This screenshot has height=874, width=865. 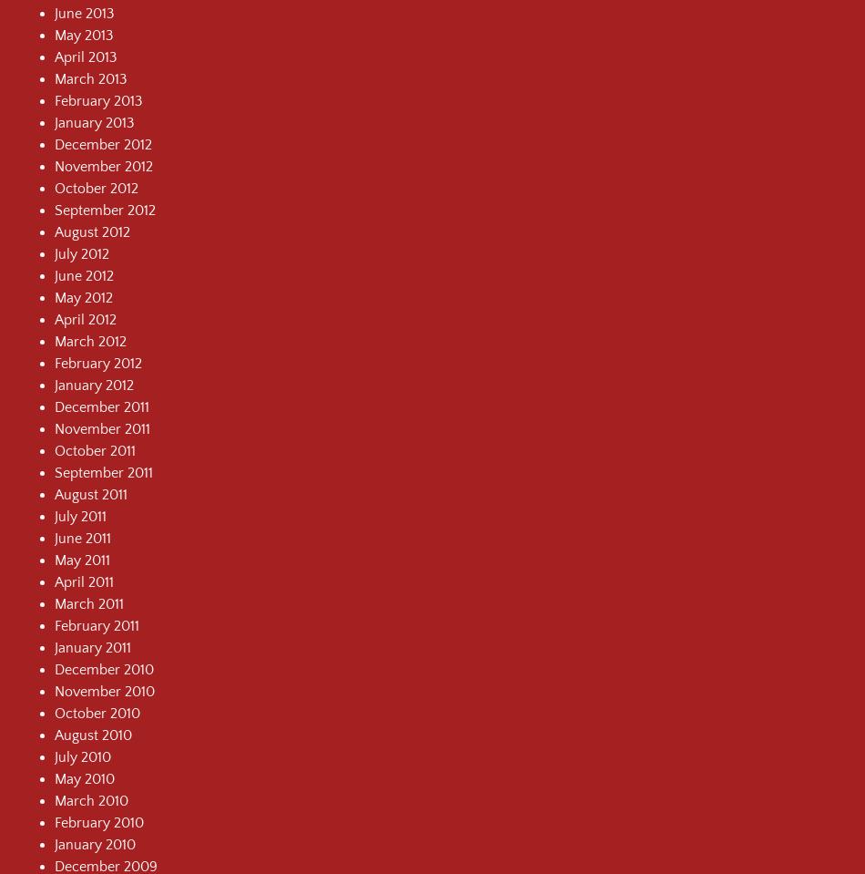 What do you see at coordinates (102, 427) in the screenshot?
I see `'November 2011'` at bounding box center [102, 427].